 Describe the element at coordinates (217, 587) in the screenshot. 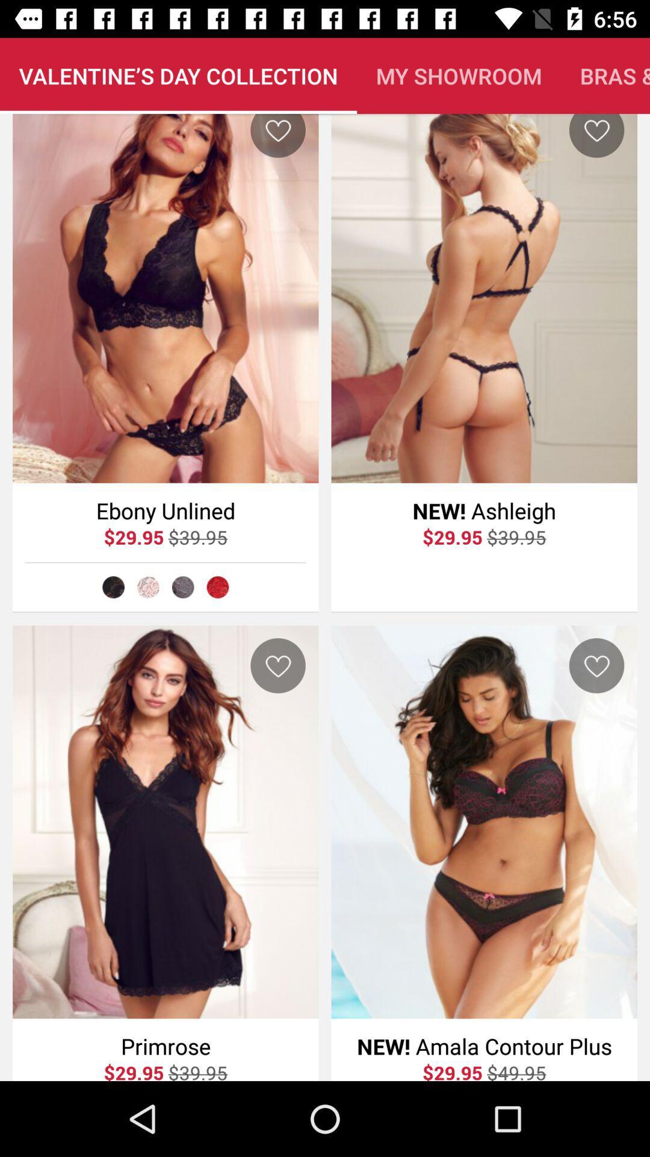

I see `the red option` at that location.